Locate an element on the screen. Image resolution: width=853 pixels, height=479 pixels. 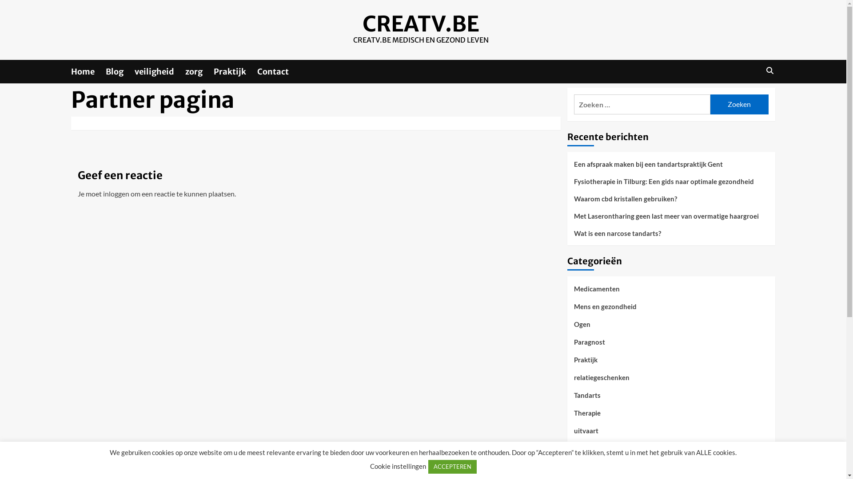
'Zoeken' is located at coordinates (739, 104).